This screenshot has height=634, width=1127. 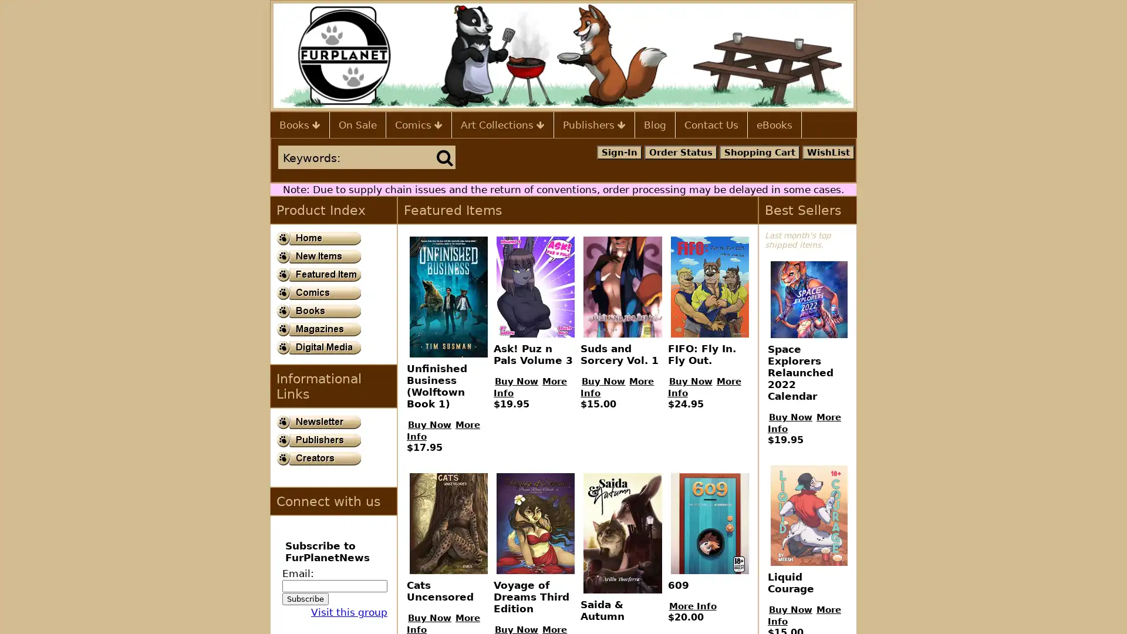 What do you see at coordinates (828, 151) in the screenshot?
I see `WishList` at bounding box center [828, 151].